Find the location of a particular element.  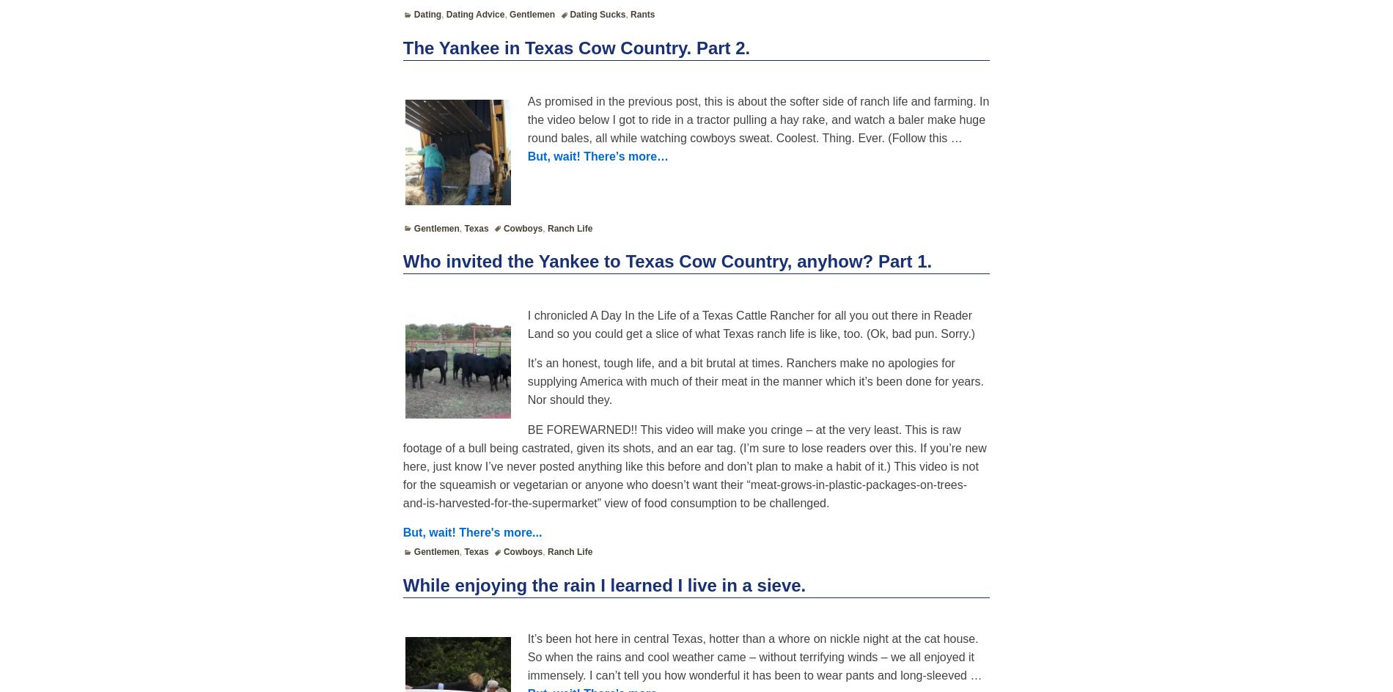

'Who invited the Yankee to Texas Cow Country, anyhow? Part 1.' is located at coordinates (666, 261).